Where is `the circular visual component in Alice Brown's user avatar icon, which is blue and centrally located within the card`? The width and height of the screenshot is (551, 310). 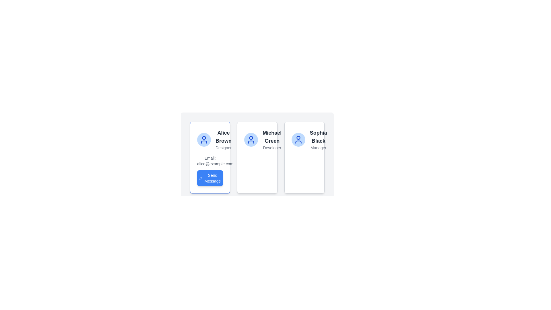 the circular visual component in Alice Brown's user avatar icon, which is blue and centrally located within the card is located at coordinates (298, 138).